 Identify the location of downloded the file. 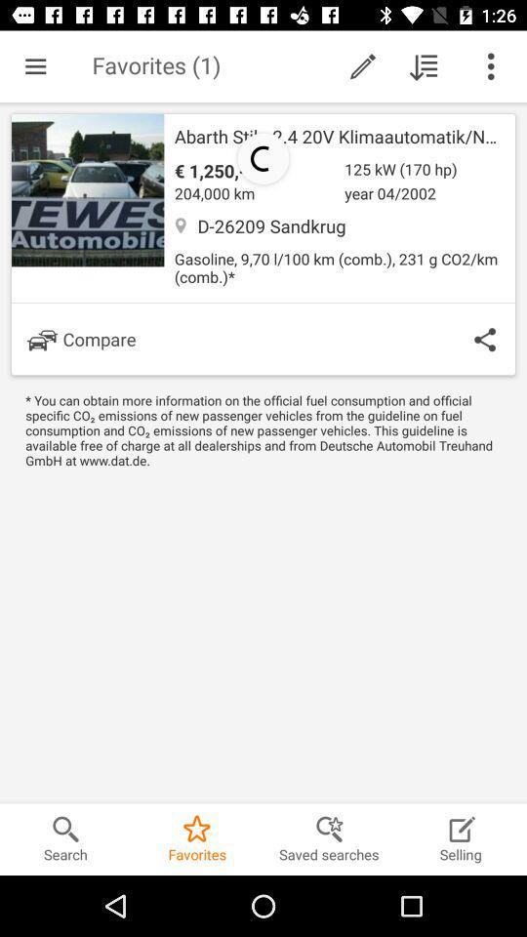
(424, 66).